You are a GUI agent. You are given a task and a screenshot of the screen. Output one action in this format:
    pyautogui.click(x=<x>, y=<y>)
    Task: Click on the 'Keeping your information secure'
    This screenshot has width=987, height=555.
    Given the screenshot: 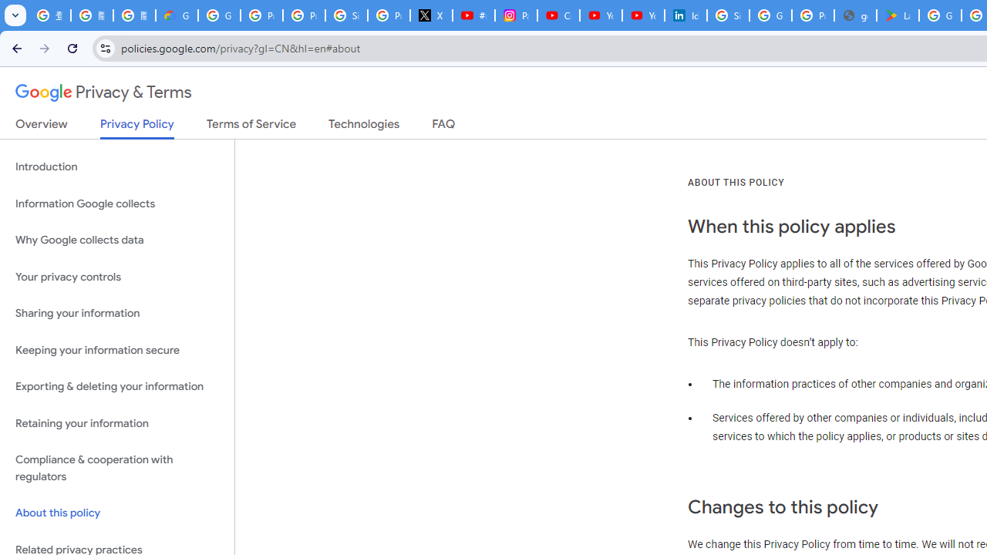 What is the action you would take?
    pyautogui.click(x=116, y=350)
    